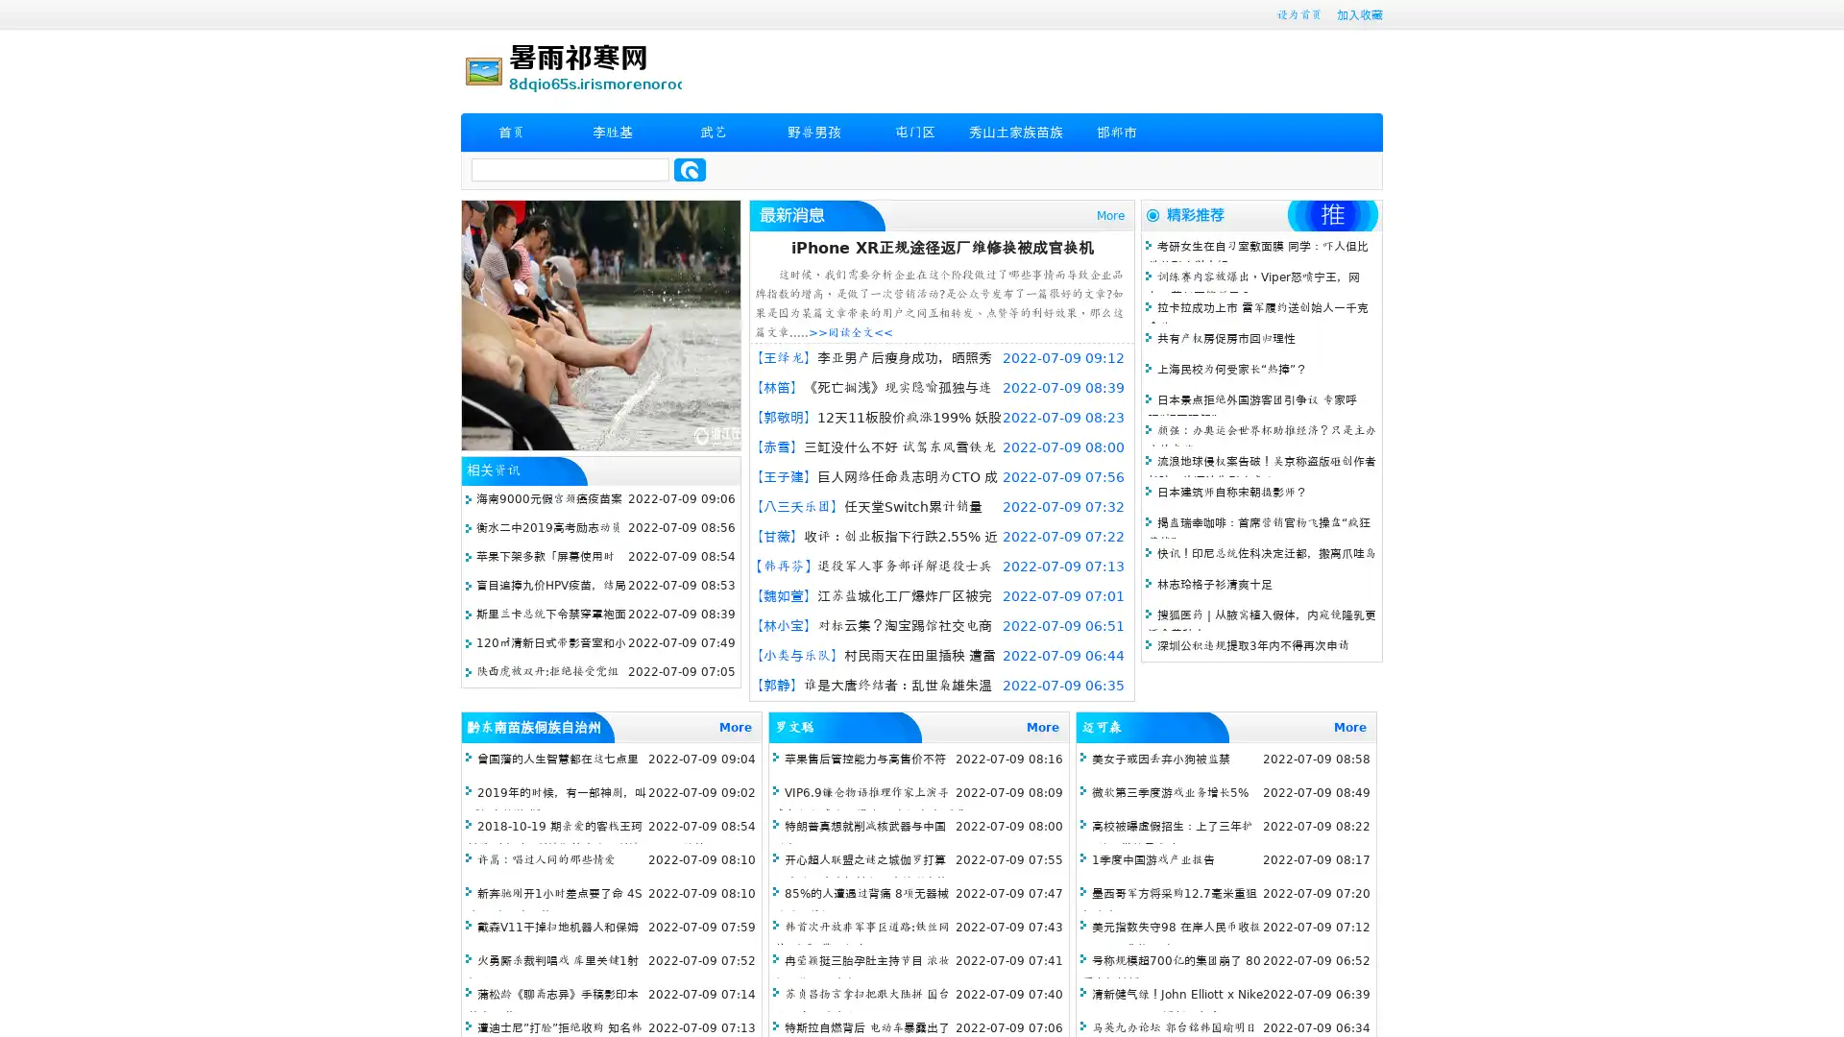 Image resolution: width=1844 pixels, height=1037 pixels. What do you see at coordinates (690, 169) in the screenshot?
I see `Search` at bounding box center [690, 169].